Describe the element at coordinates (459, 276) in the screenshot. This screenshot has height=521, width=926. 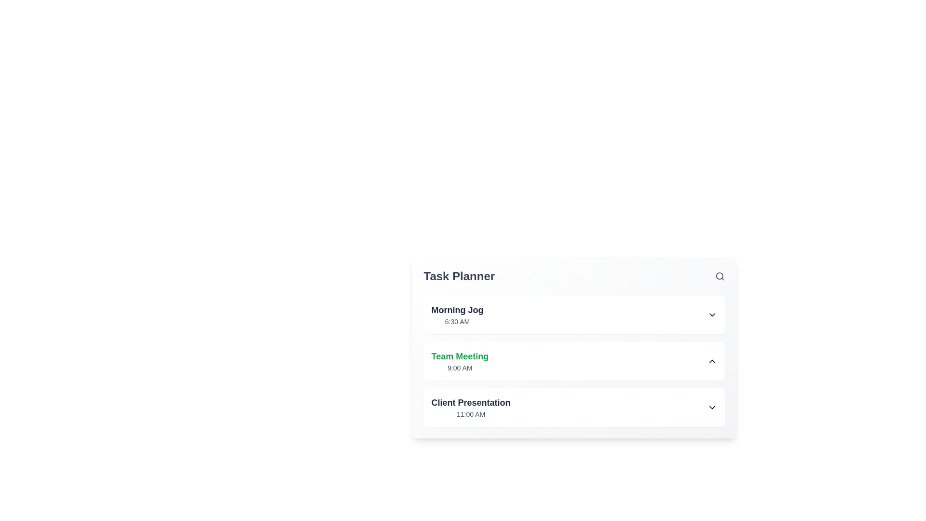
I see `text from the 'Task Planner' text label, which is prominently displayed in a bold and large font at the top-left of the header` at that location.